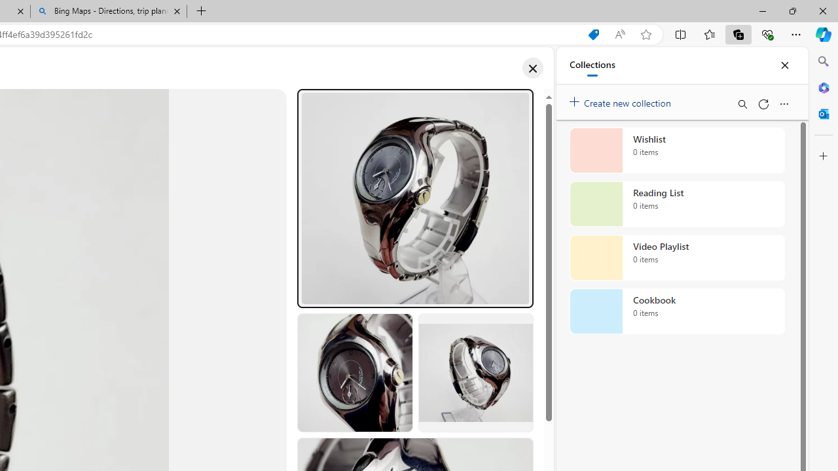 The image size is (838, 471). What do you see at coordinates (677, 258) in the screenshot?
I see `'Video Playlist collection, 0 items'` at bounding box center [677, 258].